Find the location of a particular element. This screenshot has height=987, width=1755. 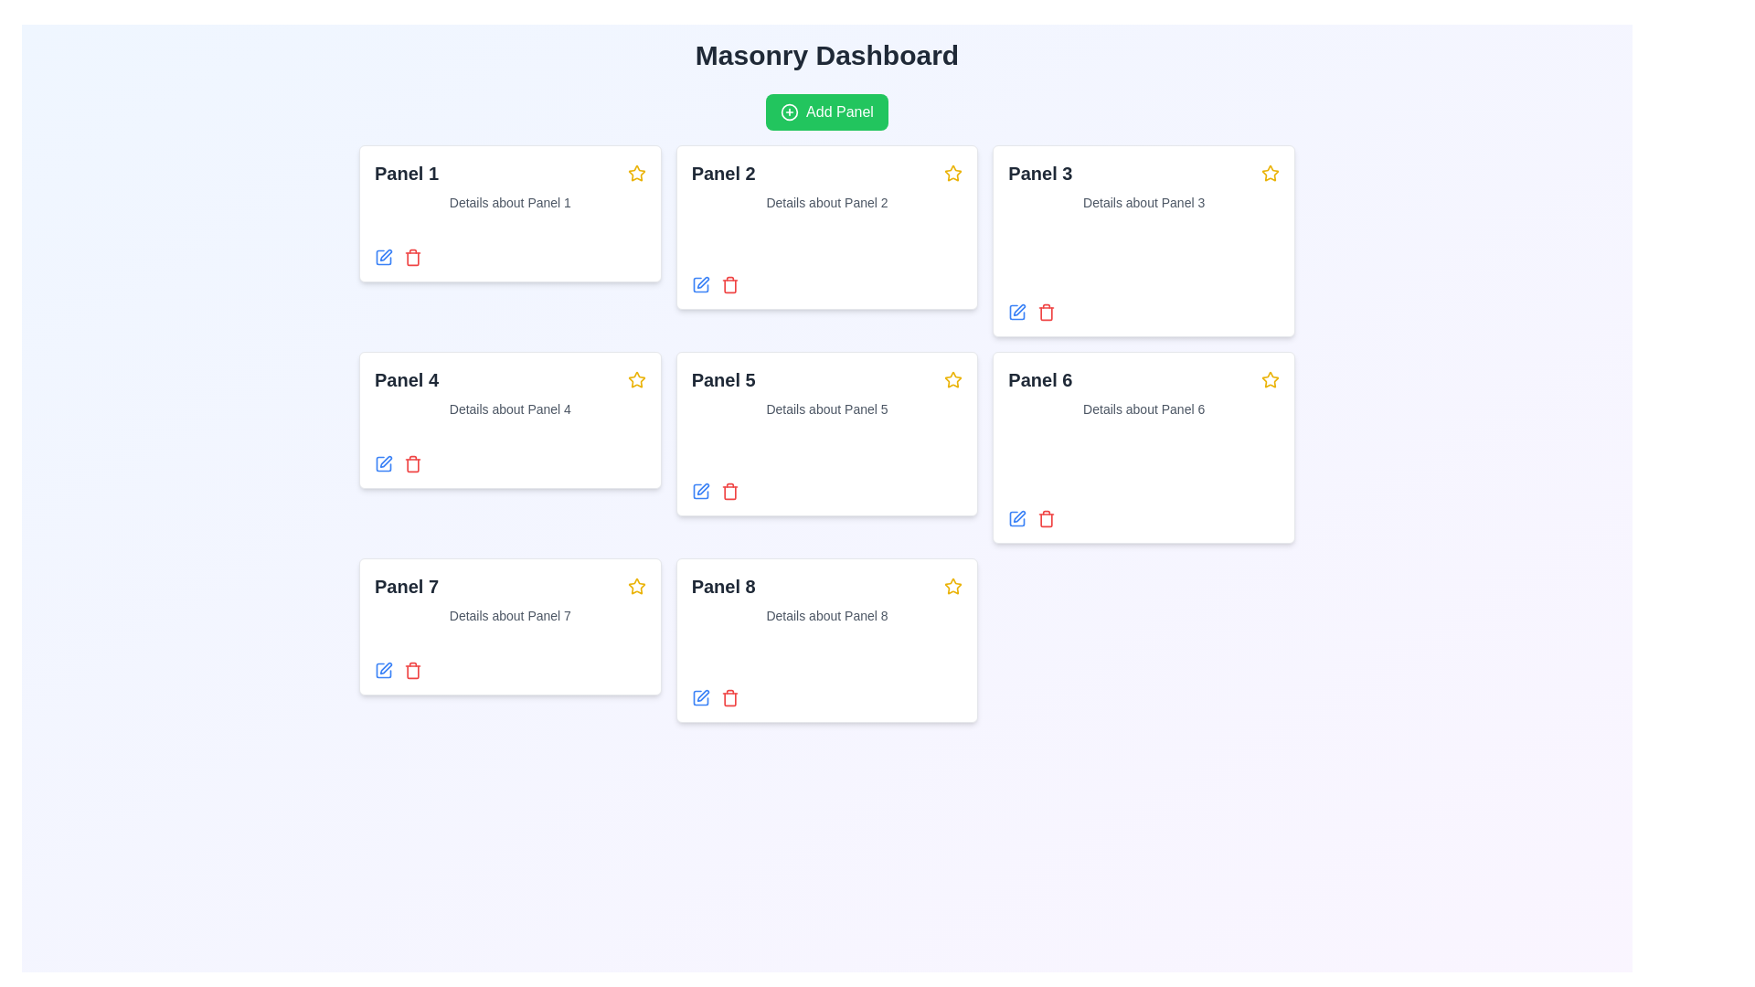

the static text label displaying 'Details about Panel 6', which is located in the Panel 6 card, beneath the title 'Panel 6' and above the action buttons is located at coordinates (1143, 408).